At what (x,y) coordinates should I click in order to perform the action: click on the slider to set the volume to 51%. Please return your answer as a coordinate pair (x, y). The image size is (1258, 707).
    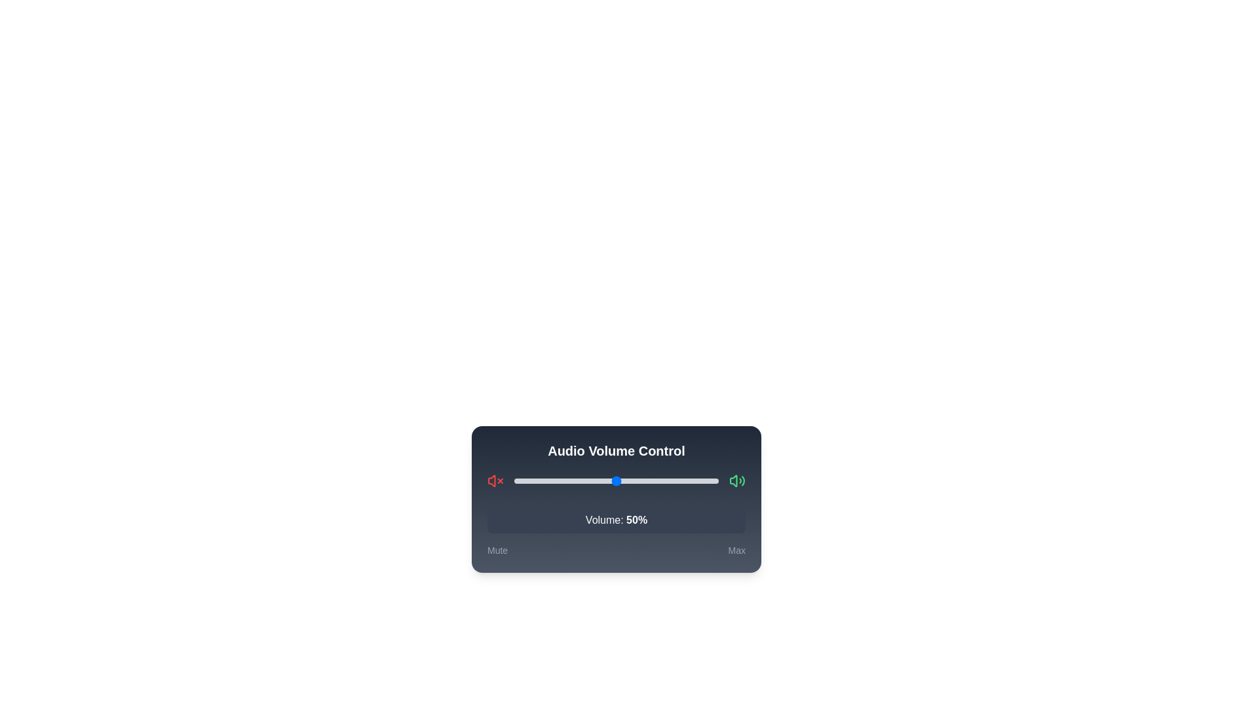
    Looking at the image, I should click on (617, 481).